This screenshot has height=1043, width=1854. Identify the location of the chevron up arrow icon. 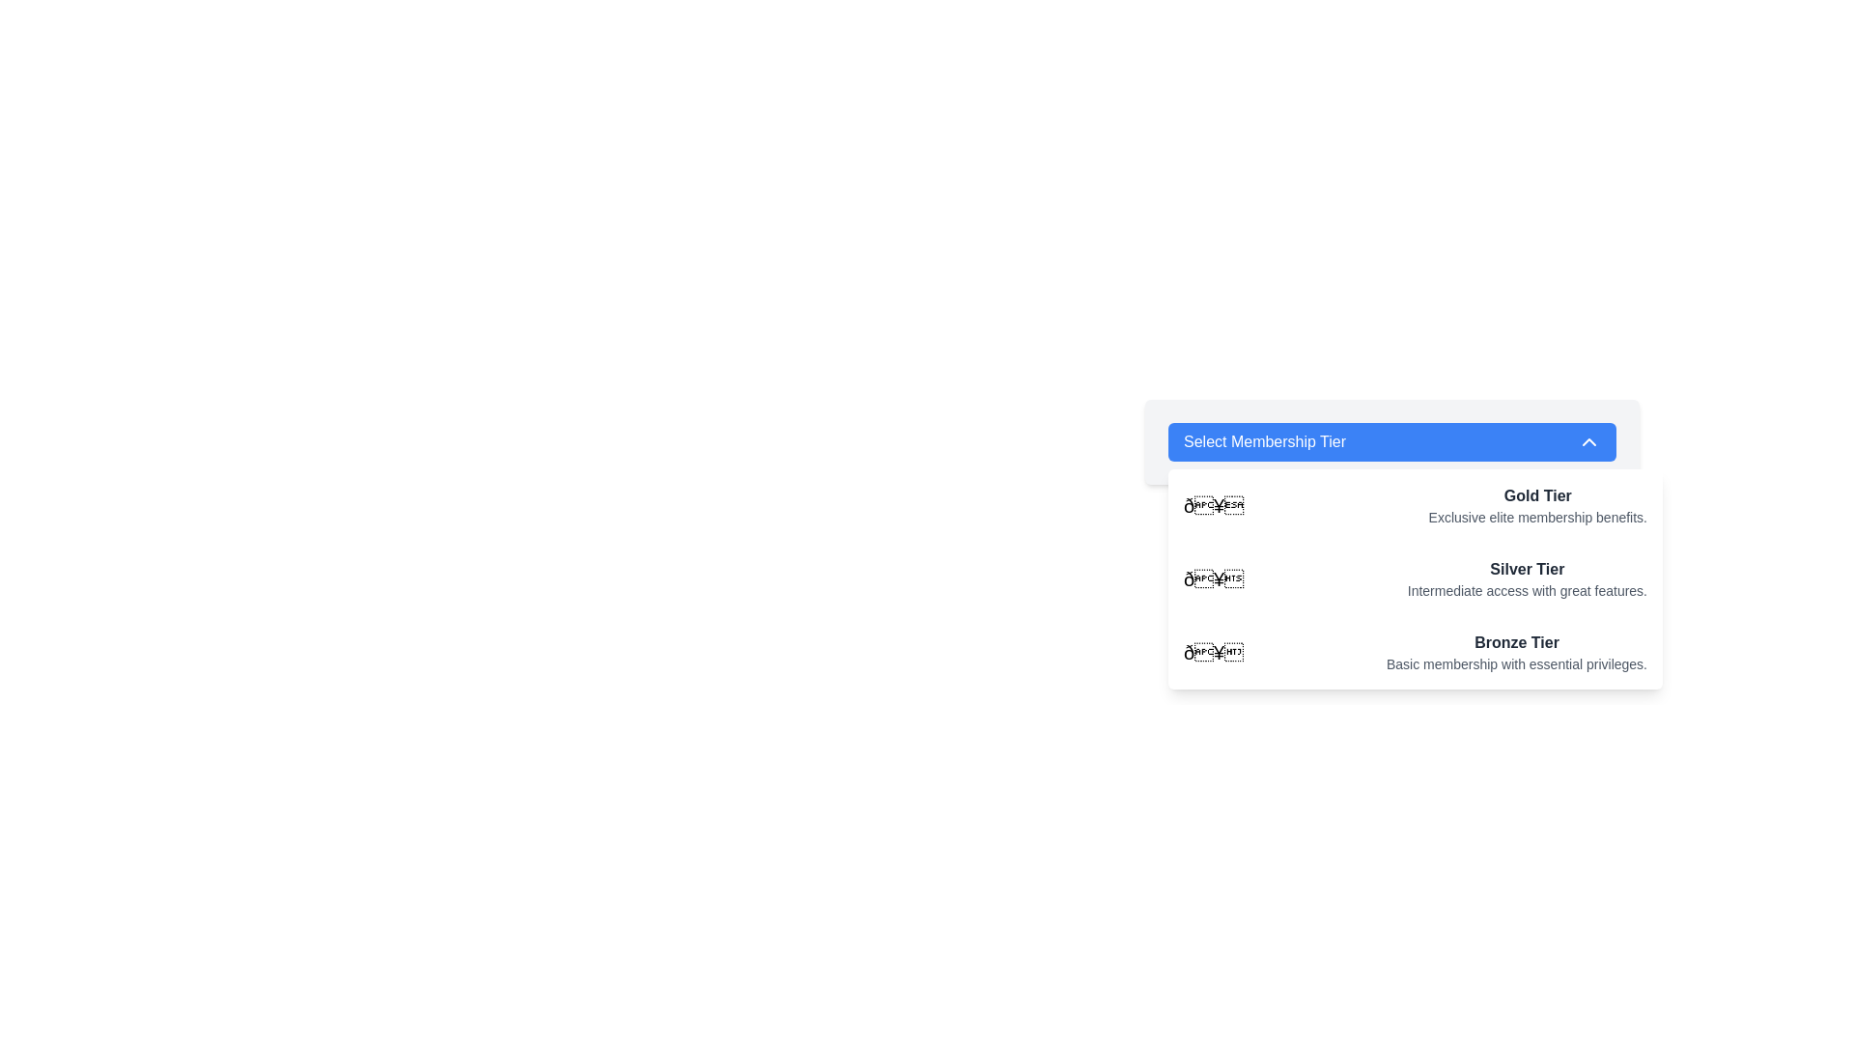
(1589, 442).